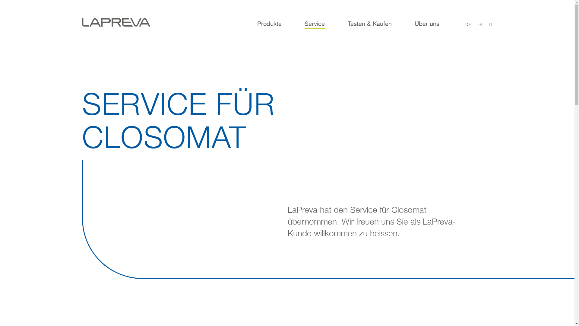 This screenshot has height=326, width=579. What do you see at coordinates (269, 28) in the screenshot?
I see `'Produkte'` at bounding box center [269, 28].